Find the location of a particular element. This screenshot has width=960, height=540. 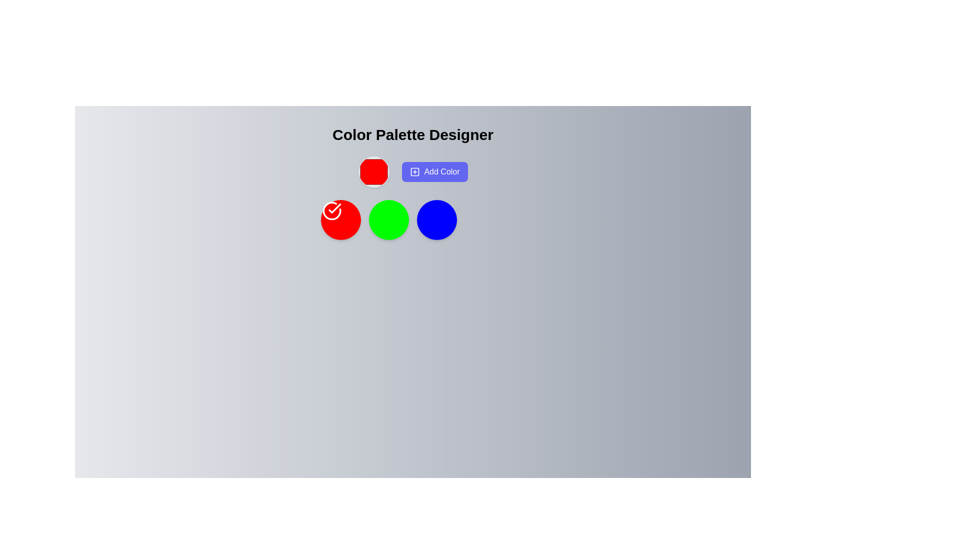

the curved arc segment of the checkmark icon, which is located inside the circular area at the bottom left among three color circles is located at coordinates (331, 210).